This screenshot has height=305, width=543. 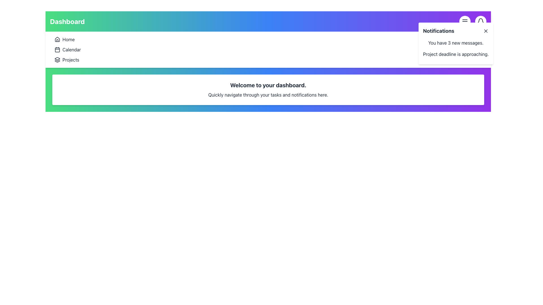 I want to click on the 'Home' text label in the vertical navigation menu, so click(x=68, y=39).